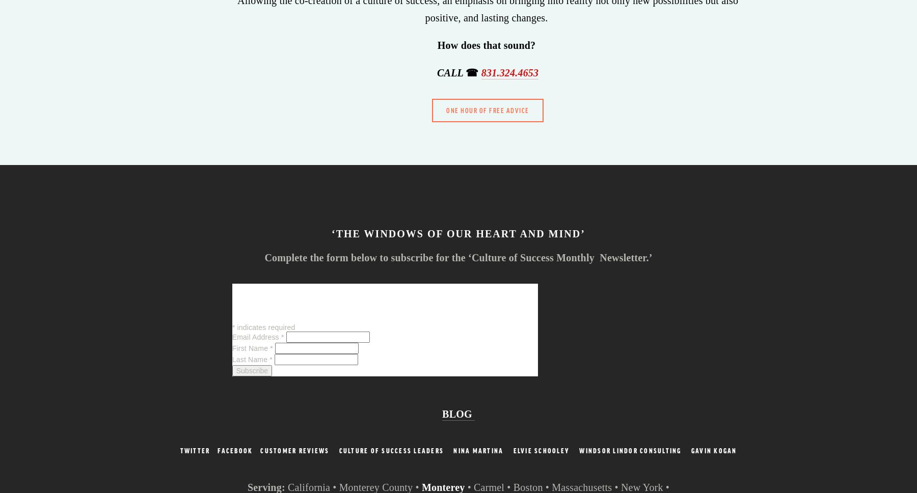  I want to click on 'Windsor Lindor Consulting', so click(629, 450).